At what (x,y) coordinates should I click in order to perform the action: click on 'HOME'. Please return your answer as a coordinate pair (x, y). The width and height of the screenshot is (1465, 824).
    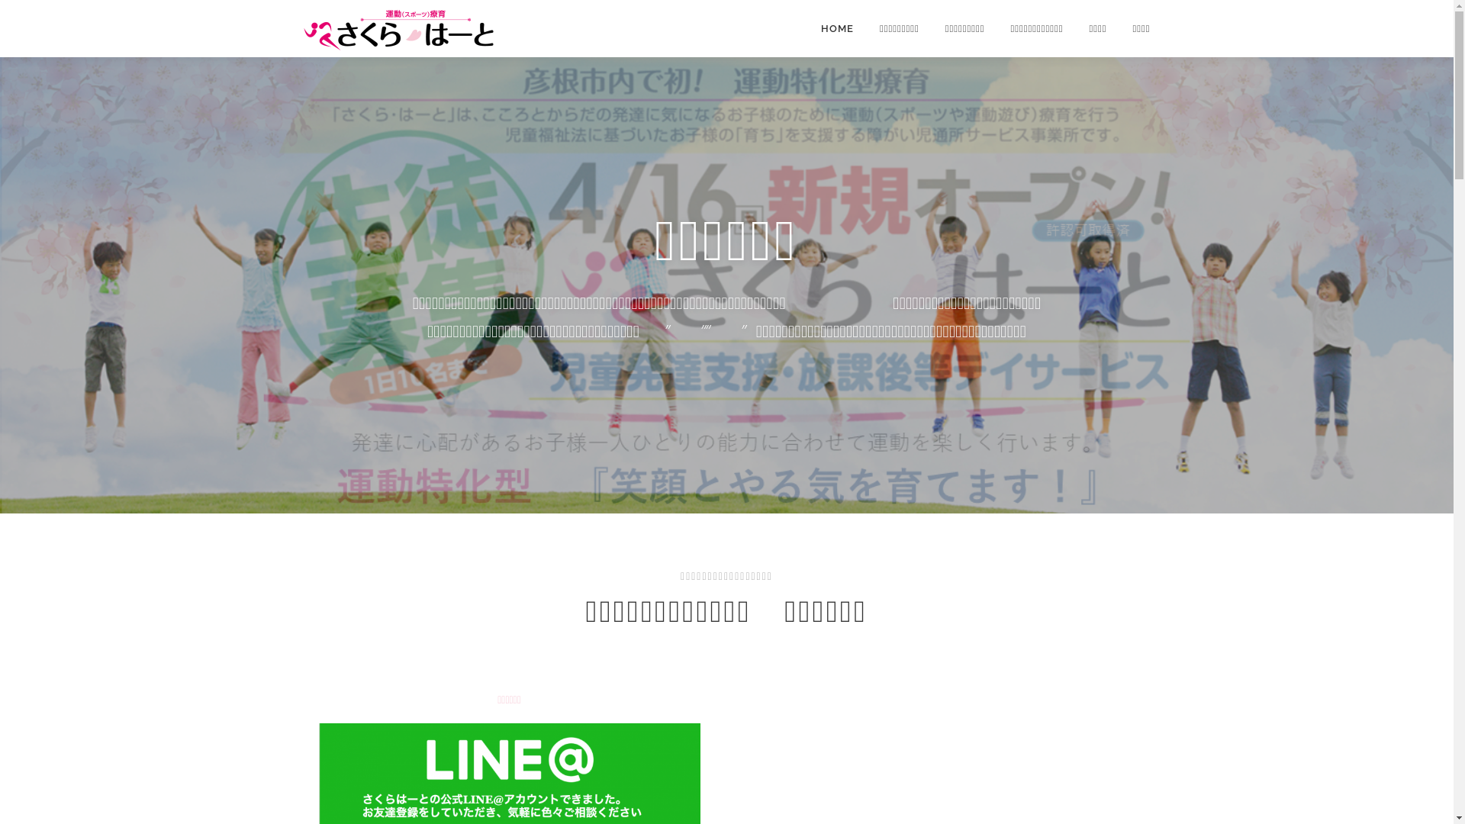
    Looking at the image, I should click on (836, 28).